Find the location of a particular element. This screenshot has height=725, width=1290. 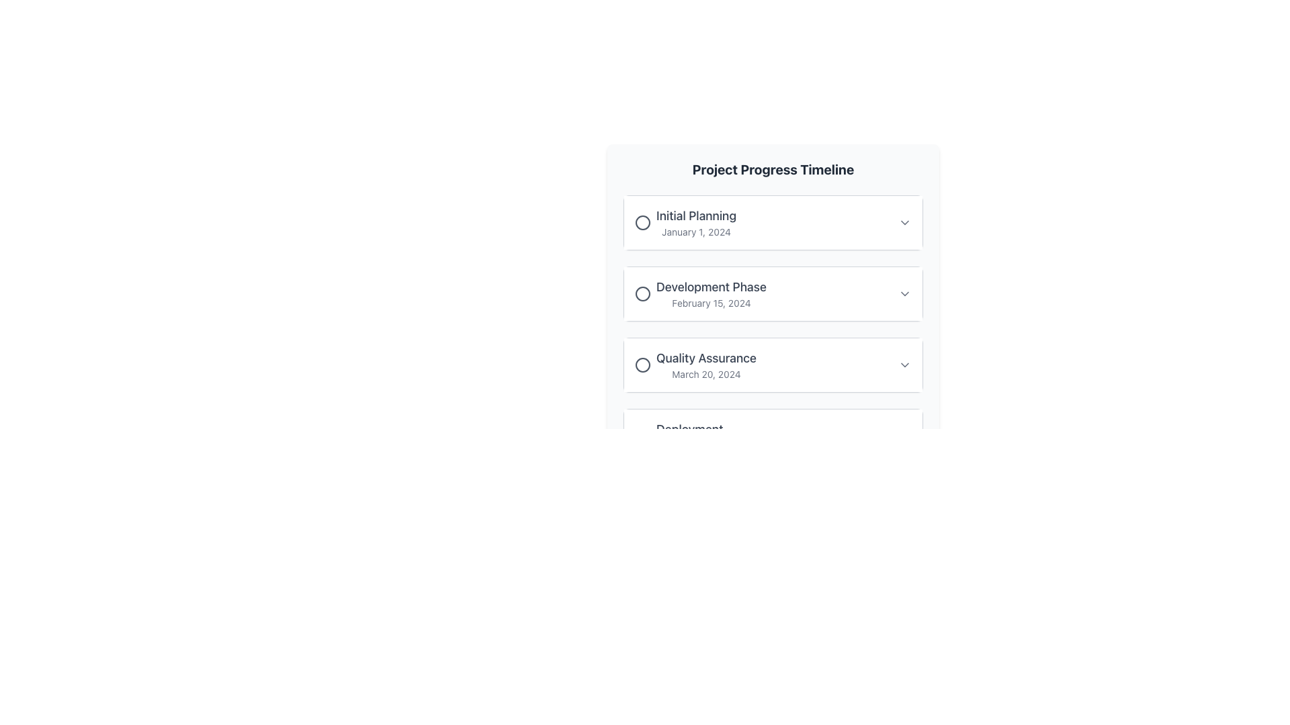

the third list item in the timeline, which displays 'Quality Assurance' and the date 'March 20, 2024' is located at coordinates (695, 365).